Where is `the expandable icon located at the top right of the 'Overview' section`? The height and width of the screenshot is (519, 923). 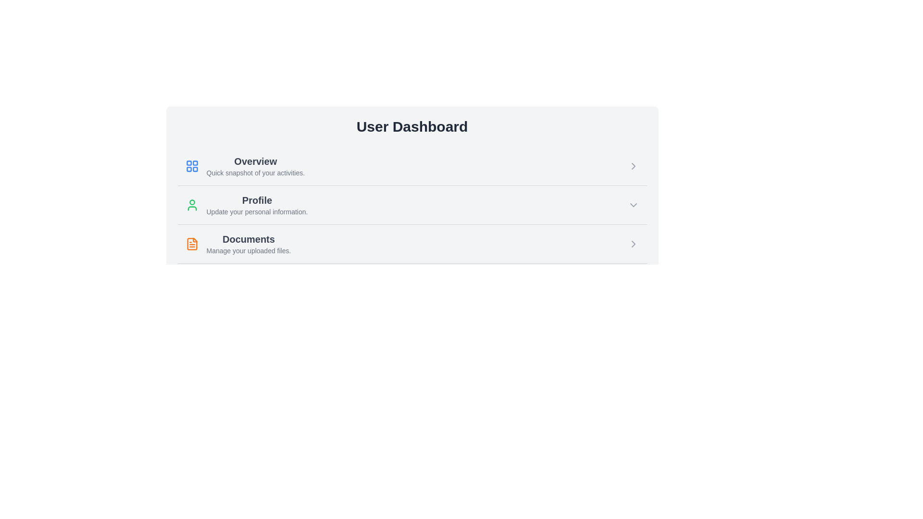 the expandable icon located at the top right of the 'Overview' section is located at coordinates (633, 166).